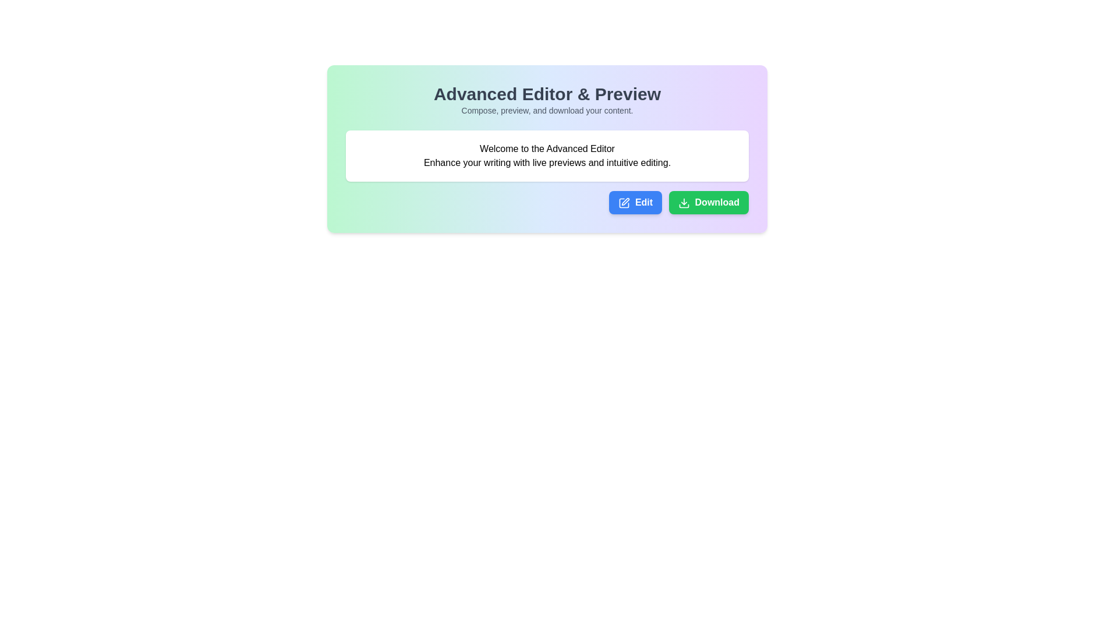 The width and height of the screenshot is (1118, 629). I want to click on the Text Display element that features two lines of text: 'Welcome to the Advanced Editor' in bold and 'Enhance your writing with live previews and intuitive editing.' in regular style, positioned below the title 'Advanced Editor & Preview', so click(547, 155).